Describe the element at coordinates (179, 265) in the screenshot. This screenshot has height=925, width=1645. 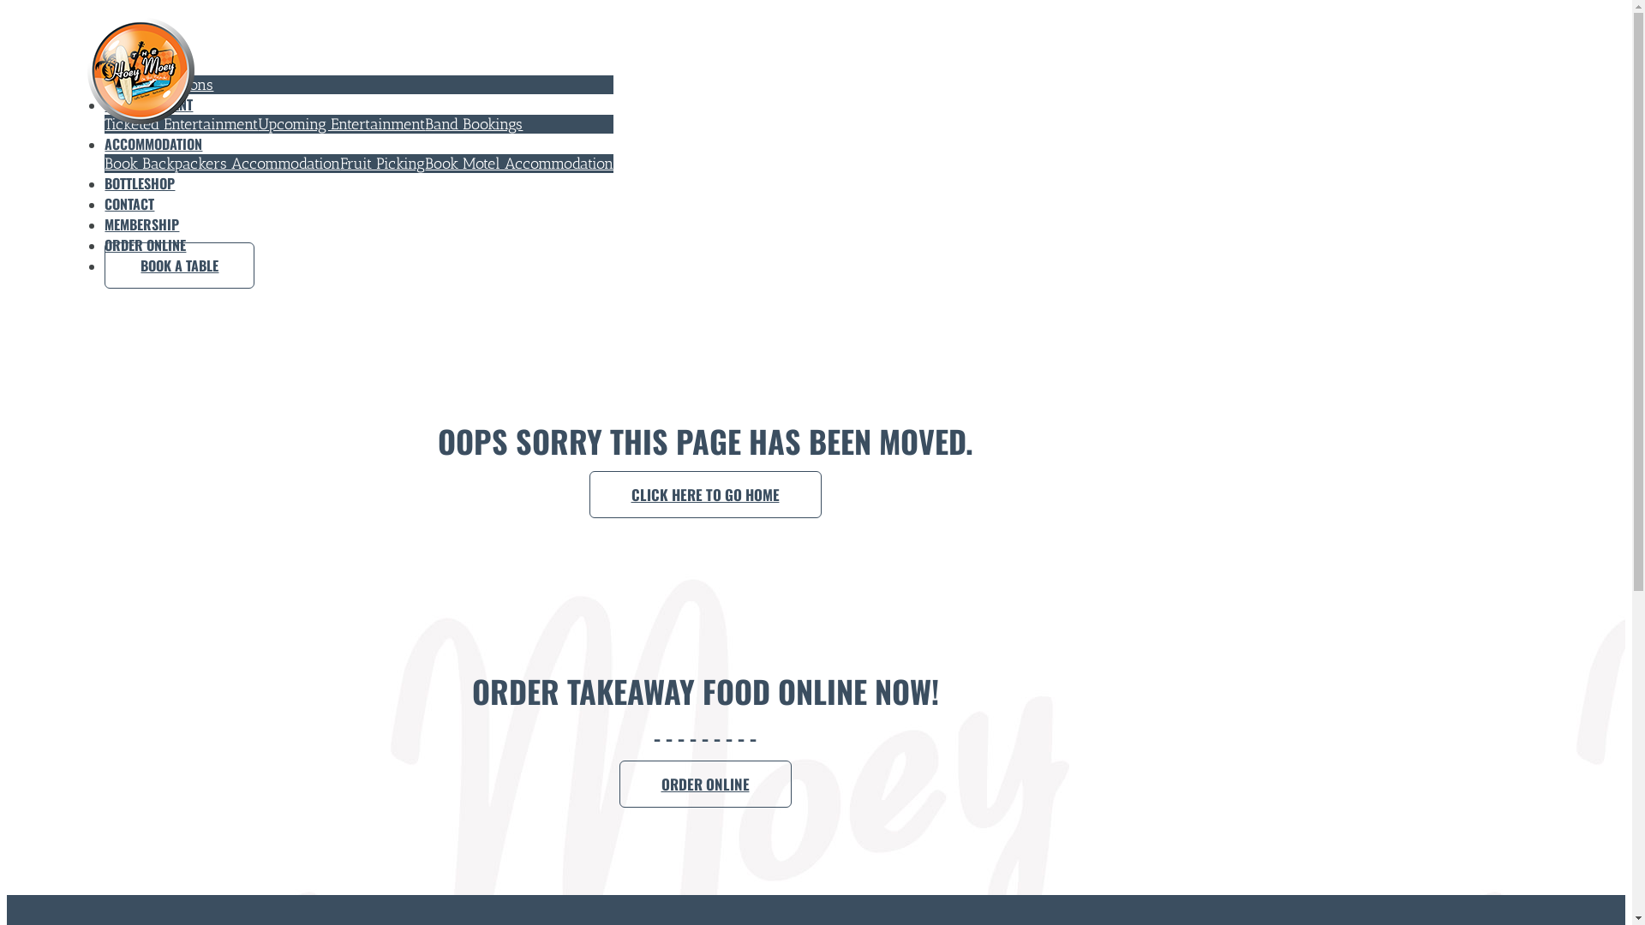
I see `'BOOK A TABLE'` at that location.